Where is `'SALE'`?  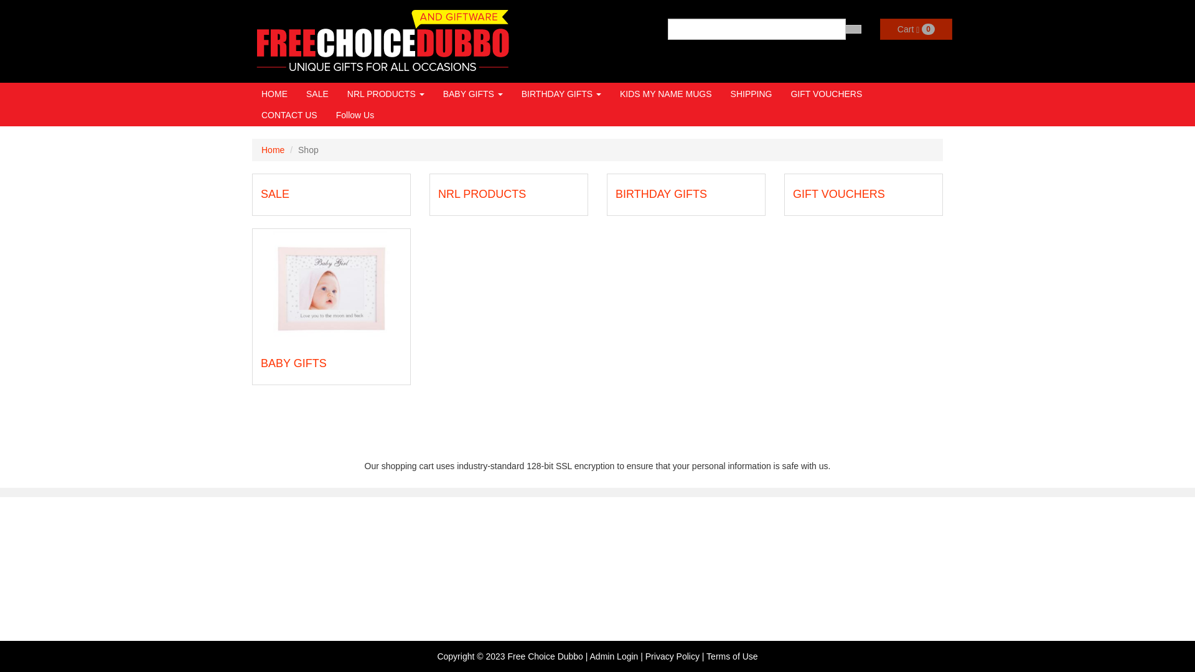 'SALE' is located at coordinates (317, 93).